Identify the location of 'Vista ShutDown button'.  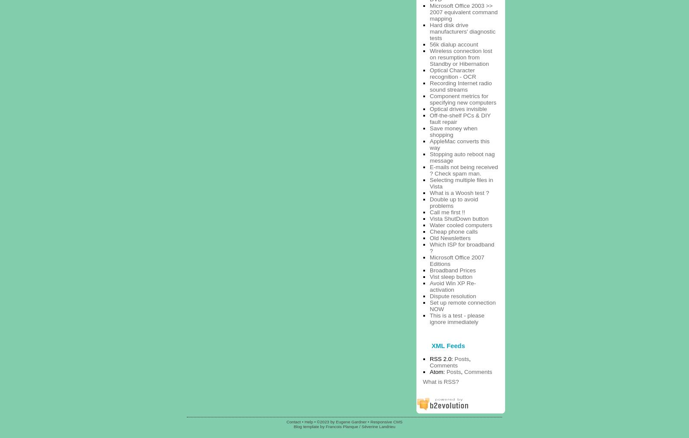
(459, 218).